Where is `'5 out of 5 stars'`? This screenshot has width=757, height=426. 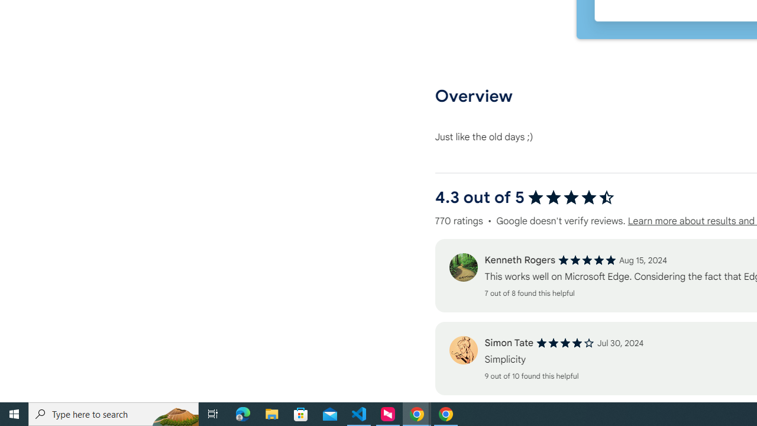 '5 out of 5 stars' is located at coordinates (587, 260).